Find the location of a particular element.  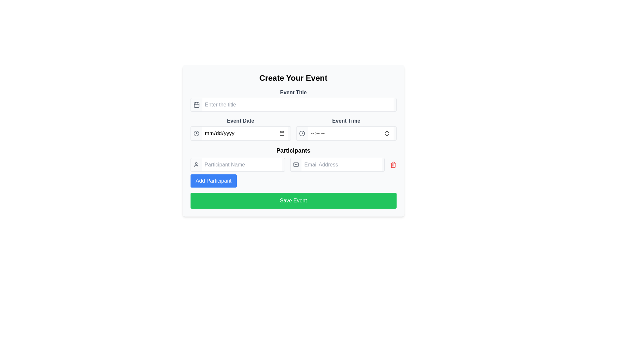

the outlined text input field labeled 'Participant Name' that is located in the 'Participants' section, positioned below 'Event Date' and 'Event Time', and to the left of the 'Email Address' field is located at coordinates (237, 164).